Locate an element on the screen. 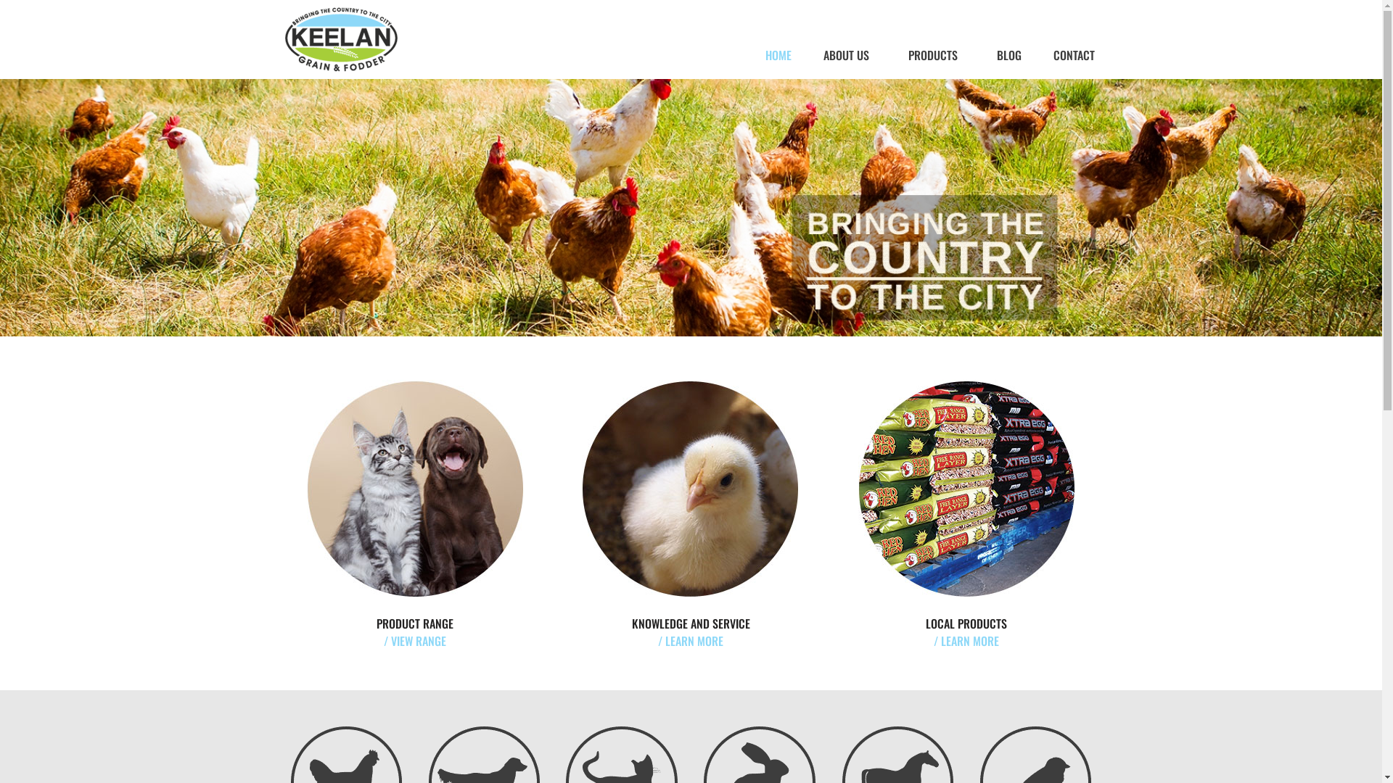  'ABOUT US' is located at coordinates (823, 54).